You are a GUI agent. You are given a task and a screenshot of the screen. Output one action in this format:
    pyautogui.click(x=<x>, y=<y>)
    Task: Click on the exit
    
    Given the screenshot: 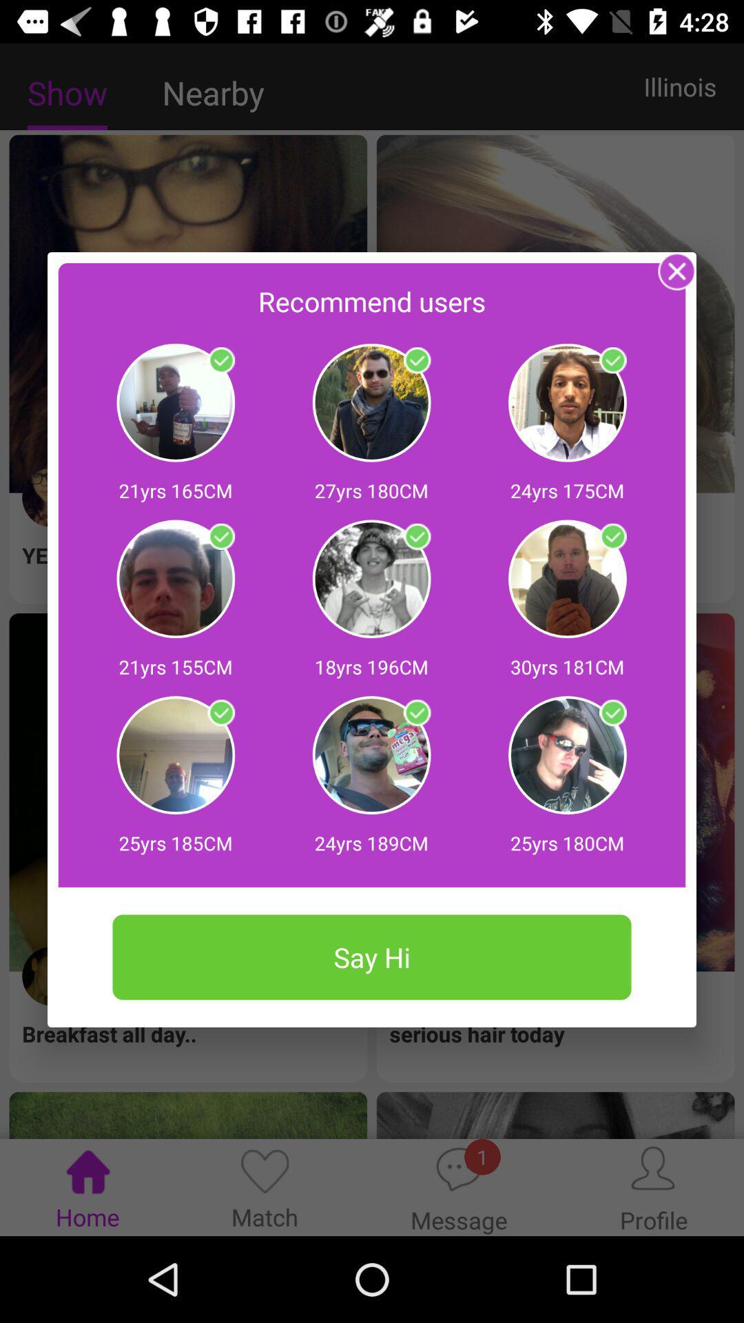 What is the action you would take?
    pyautogui.click(x=676, y=271)
    